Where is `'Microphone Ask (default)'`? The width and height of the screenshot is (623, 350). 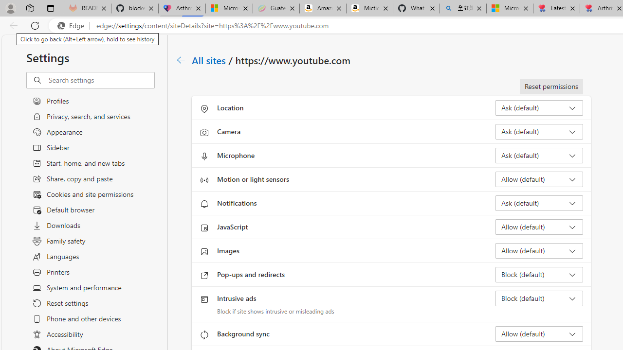 'Microphone Ask (default)' is located at coordinates (538, 155).